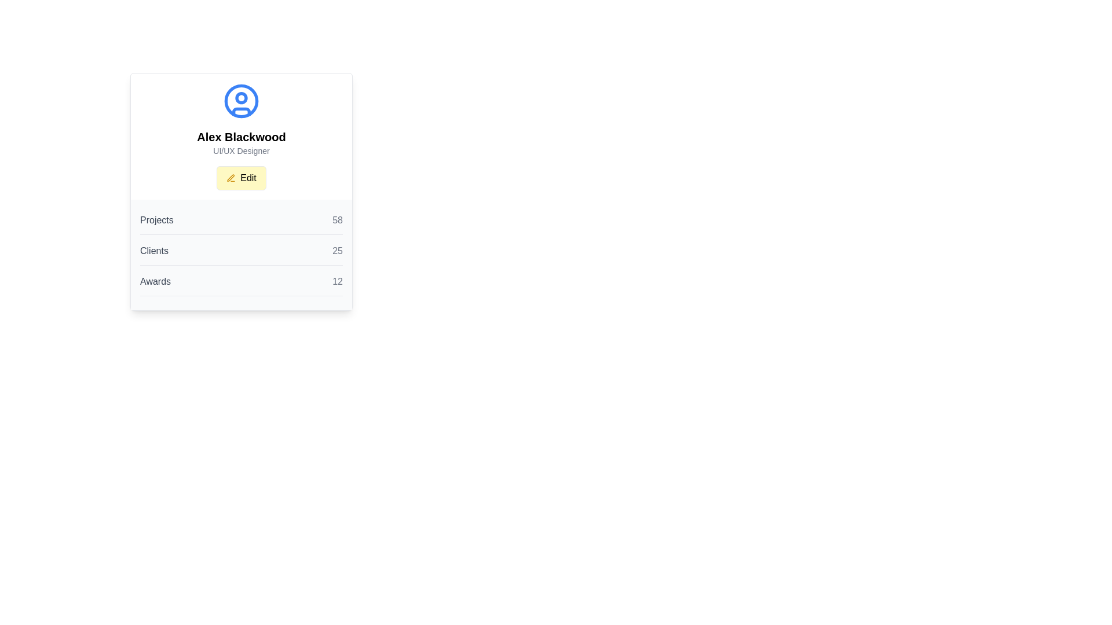  Describe the element at coordinates (241, 100) in the screenshot. I see `the blue circular outline icon above the user profile name 'Alex Blackwood' within the user profile card` at that location.